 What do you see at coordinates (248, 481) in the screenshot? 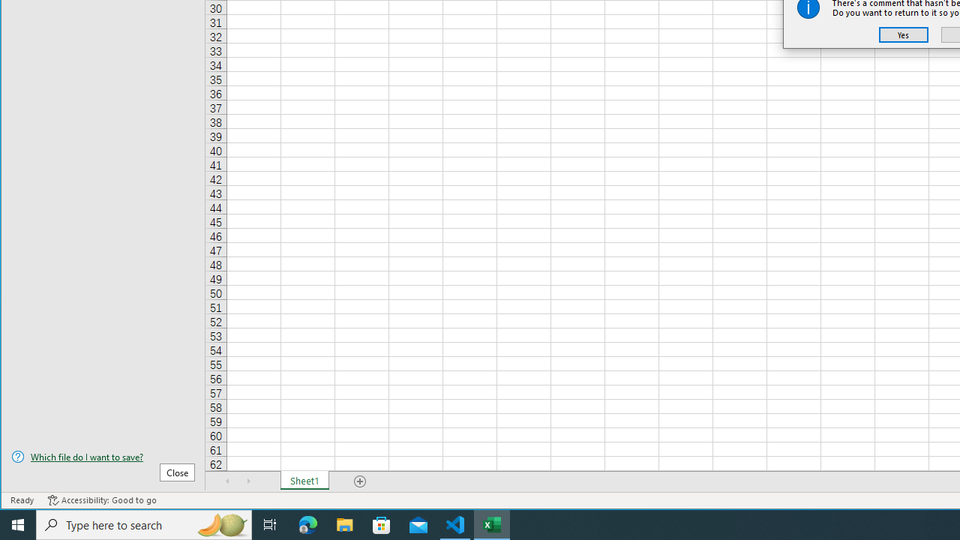
I see `'Scroll Right'` at bounding box center [248, 481].